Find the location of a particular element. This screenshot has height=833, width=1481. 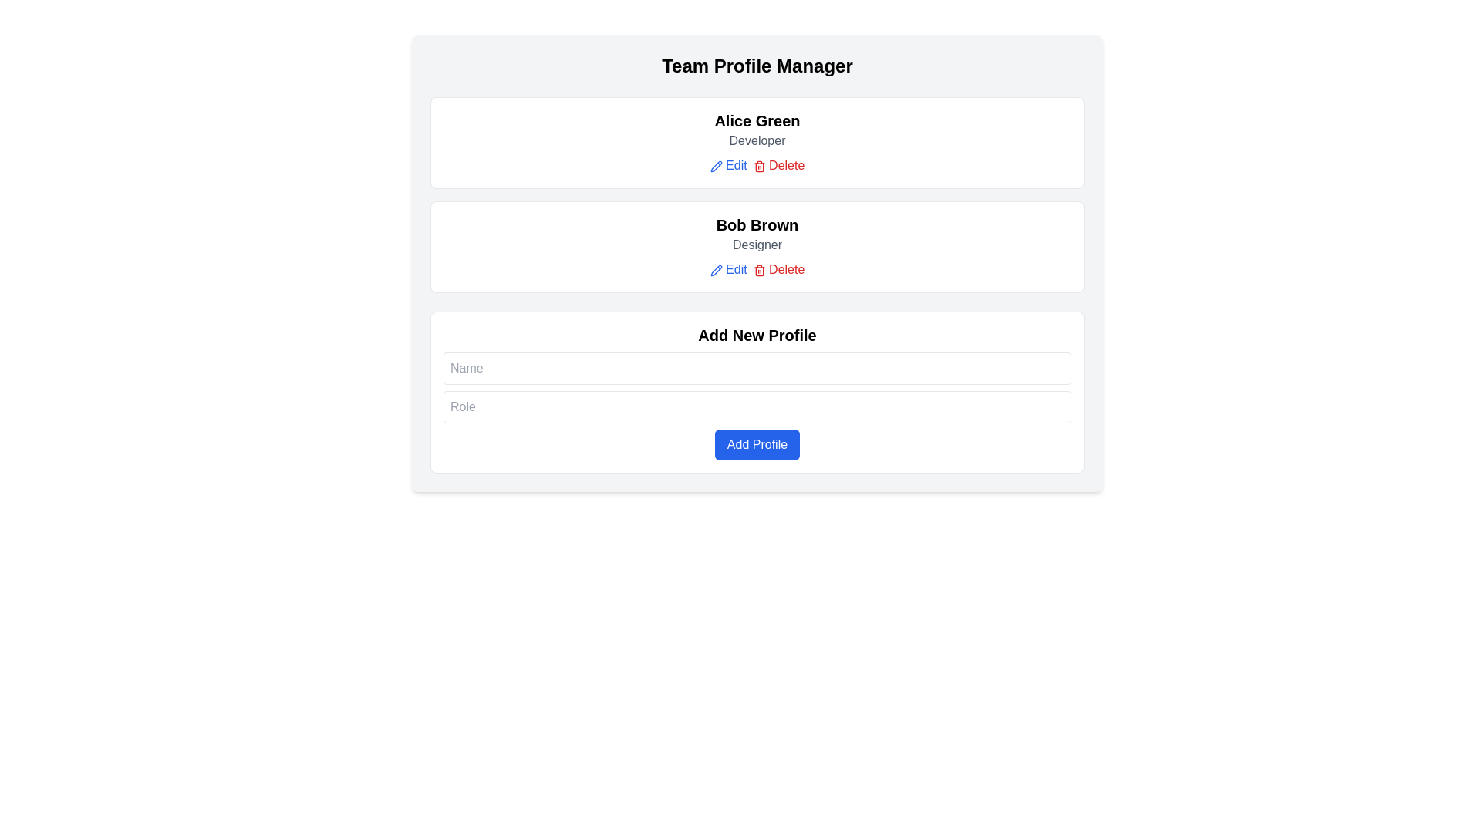

the delete icon located to the right of the 'Edit' link in Alice Green's profile card is located at coordinates (759, 166).